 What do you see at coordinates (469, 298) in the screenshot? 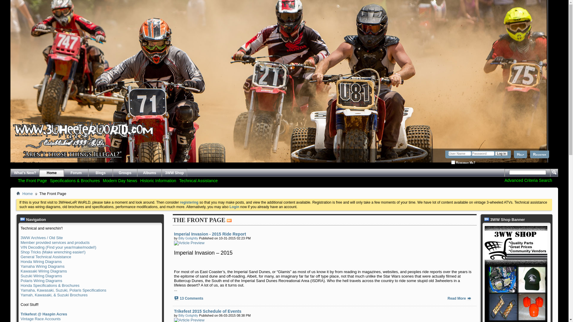
I see `'Read More'` at bounding box center [469, 298].